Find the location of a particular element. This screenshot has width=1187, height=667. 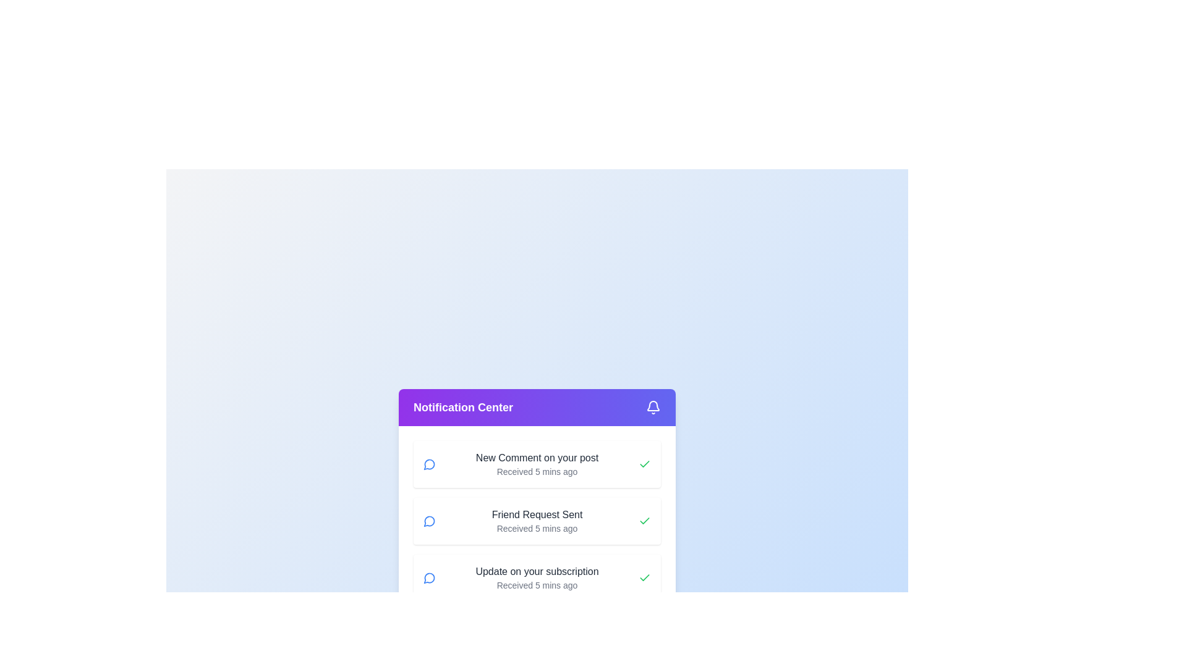

the bell-shaped icon on the rightmost side of the header bar is located at coordinates (652, 407).